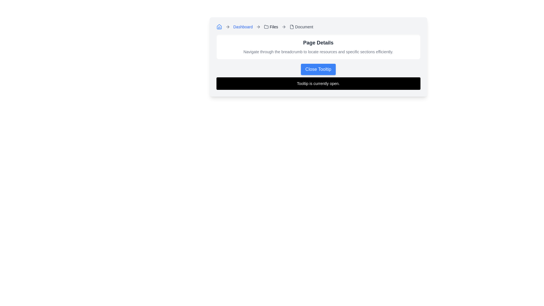  What do you see at coordinates (259, 27) in the screenshot?
I see `the rightward-pointing arrow icon in the breadcrumb navigation bar, located near the top-left side of the interface` at bounding box center [259, 27].